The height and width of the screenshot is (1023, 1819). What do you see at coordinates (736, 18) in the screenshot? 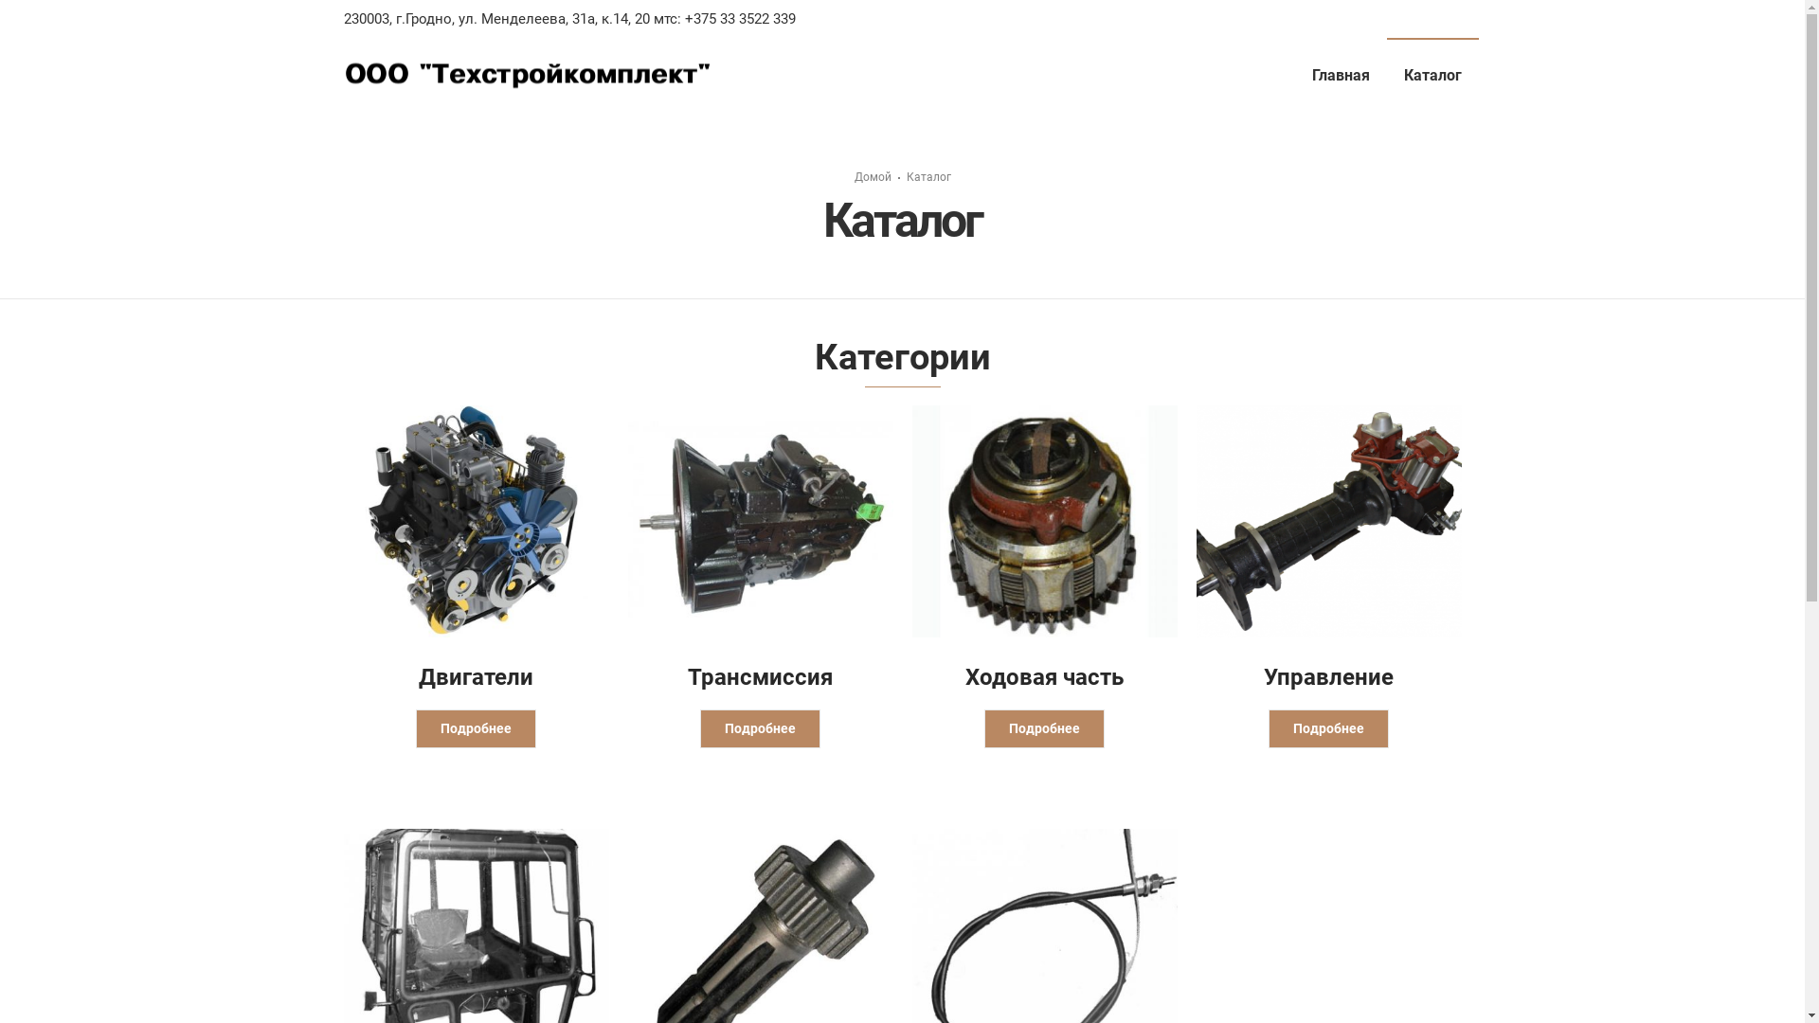
I see `'+375 33 3522 339'` at bounding box center [736, 18].